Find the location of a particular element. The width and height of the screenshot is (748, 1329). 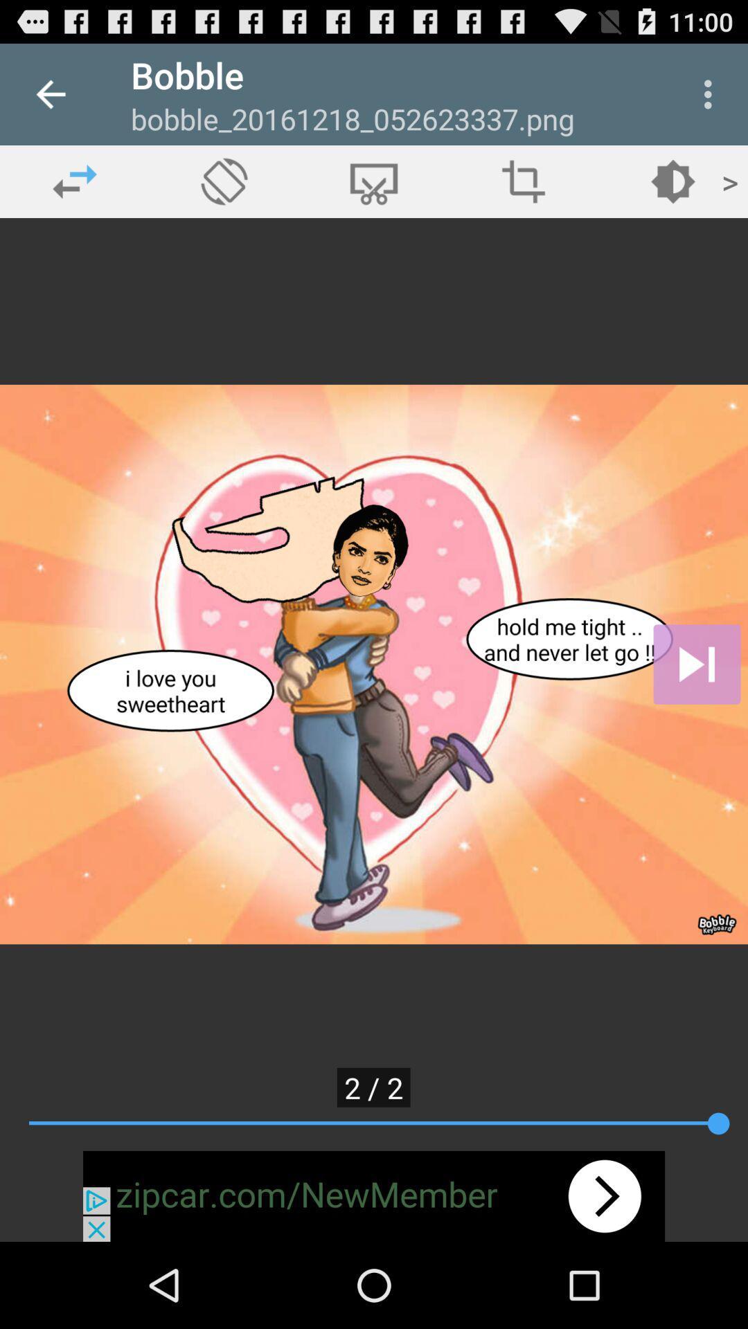

reduce size button is located at coordinates (524, 181).